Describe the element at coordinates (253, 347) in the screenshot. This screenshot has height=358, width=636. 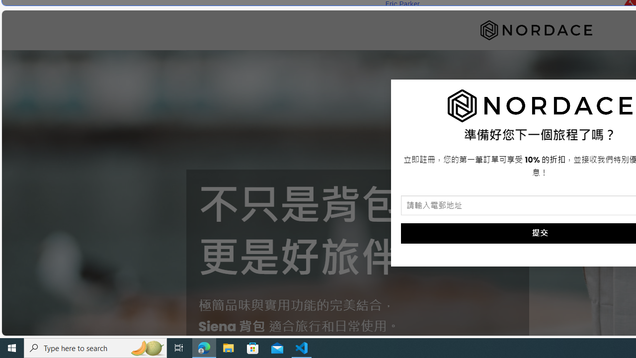
I see `'Microsoft Store'` at that location.